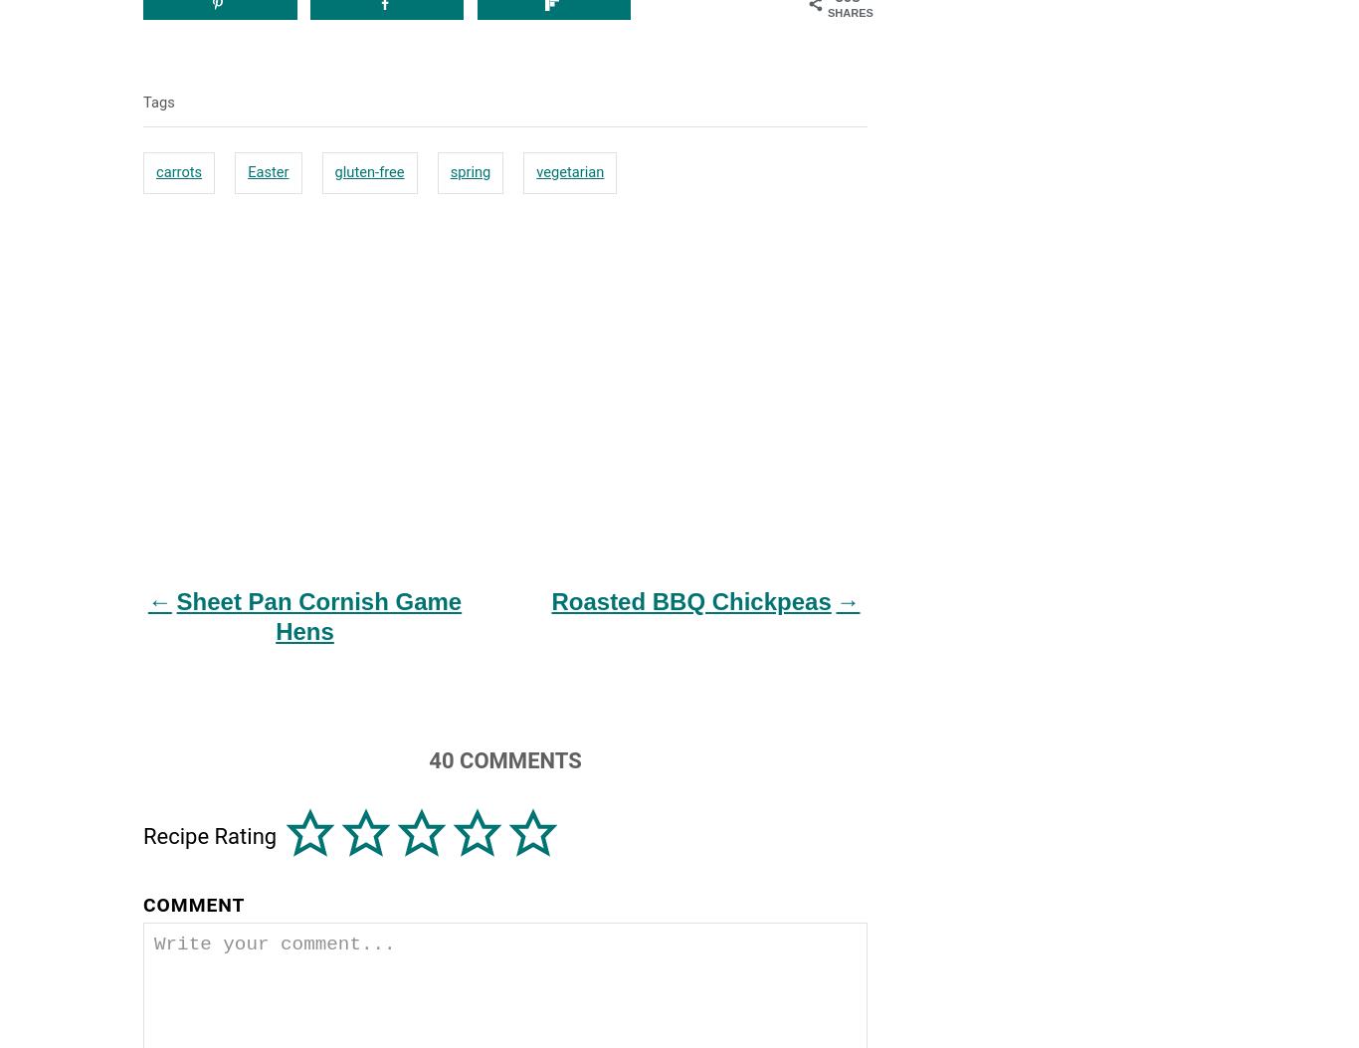 Image resolution: width=1359 pixels, height=1048 pixels. I want to click on 'Sheet Pan Cornish Game Hens', so click(318, 615).